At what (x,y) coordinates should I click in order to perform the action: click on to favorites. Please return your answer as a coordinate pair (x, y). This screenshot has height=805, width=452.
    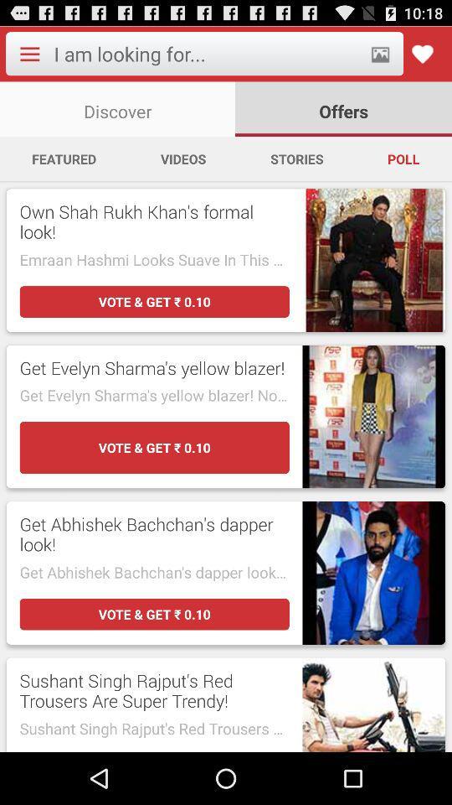
    Looking at the image, I should click on (421, 54).